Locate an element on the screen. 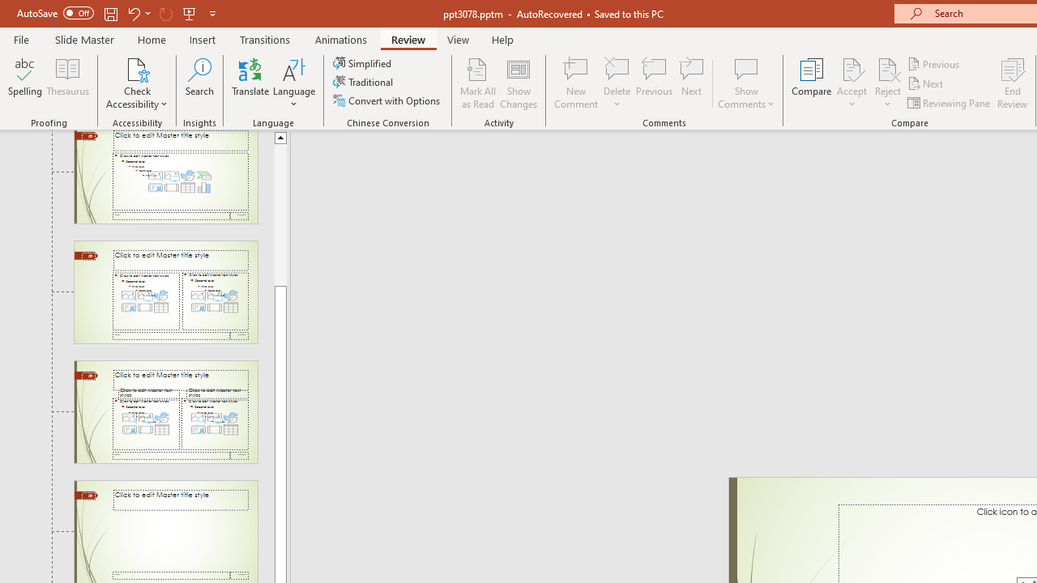 This screenshot has width=1037, height=583. 'Reject Change' is located at coordinates (887, 68).